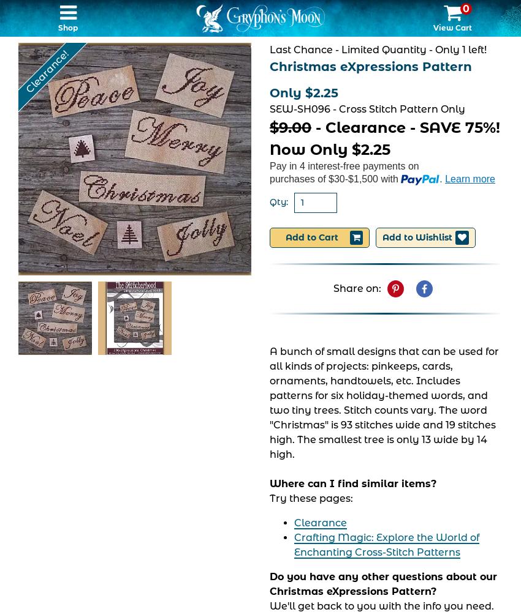  Describe the element at coordinates (268, 109) in the screenshot. I see `'SEW-SH096'` at that location.